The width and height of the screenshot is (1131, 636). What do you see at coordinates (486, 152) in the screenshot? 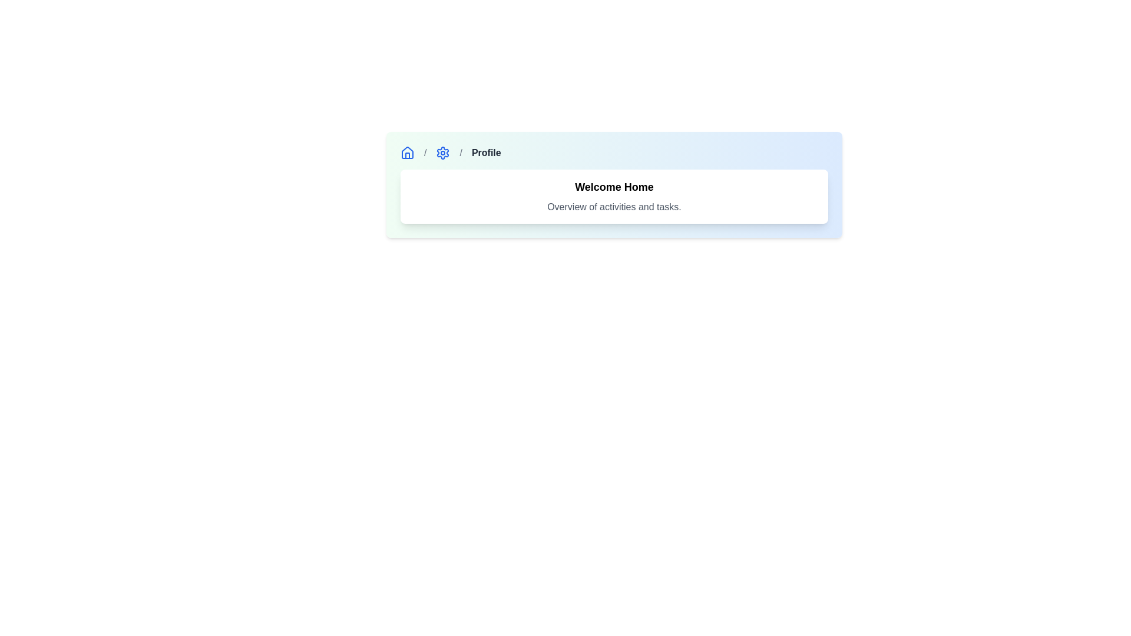
I see `text label indicating the current page within the navigation breadcrumb, which is the last breadcrumb in the navigation bar, located to the right of a '/' separator` at bounding box center [486, 152].